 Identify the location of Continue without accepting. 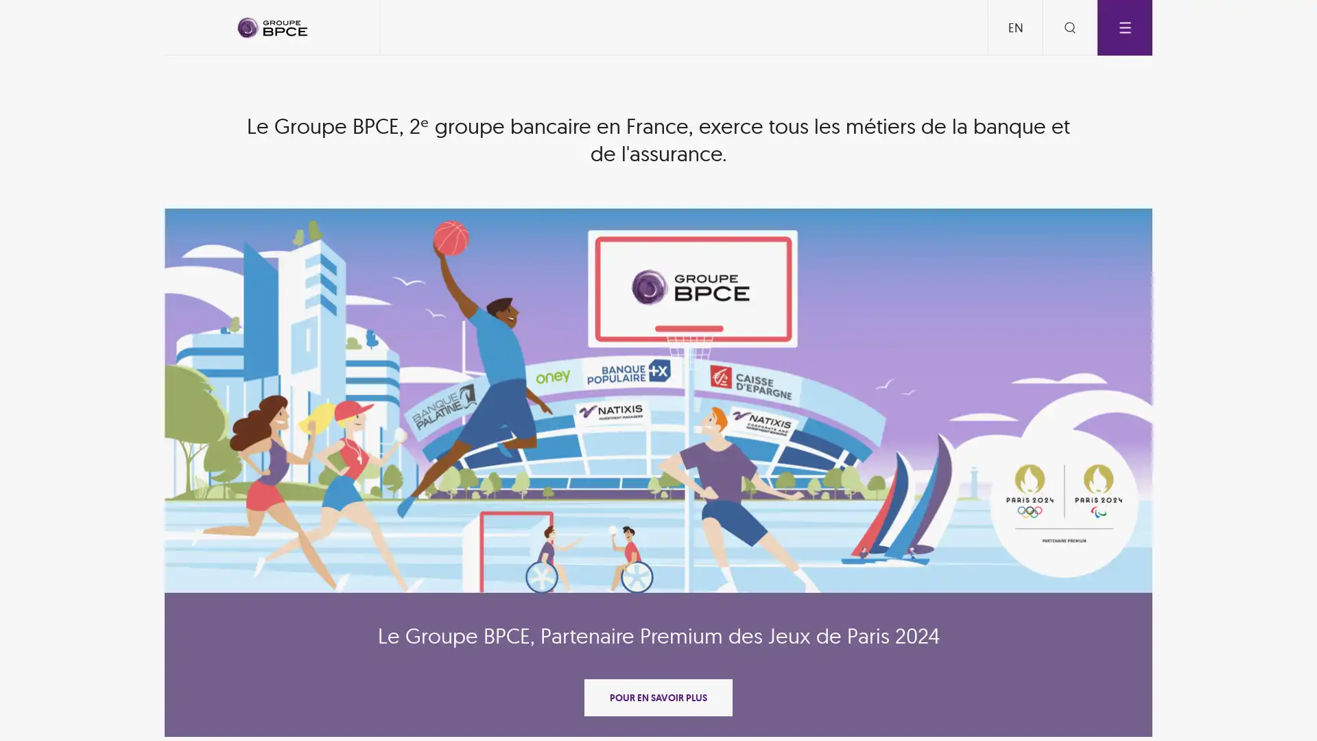
(658, 229).